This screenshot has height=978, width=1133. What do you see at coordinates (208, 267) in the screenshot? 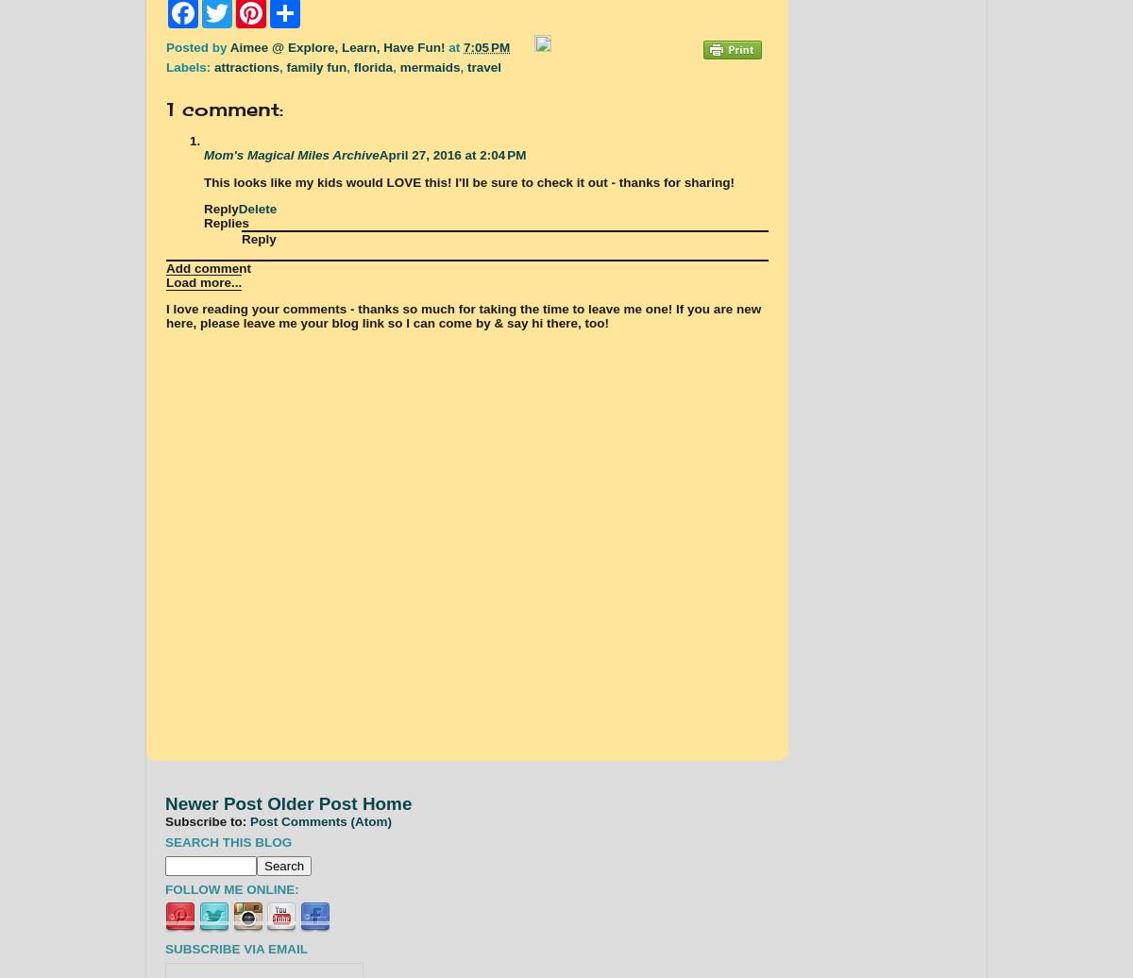
I see `'Add comment'` at bounding box center [208, 267].